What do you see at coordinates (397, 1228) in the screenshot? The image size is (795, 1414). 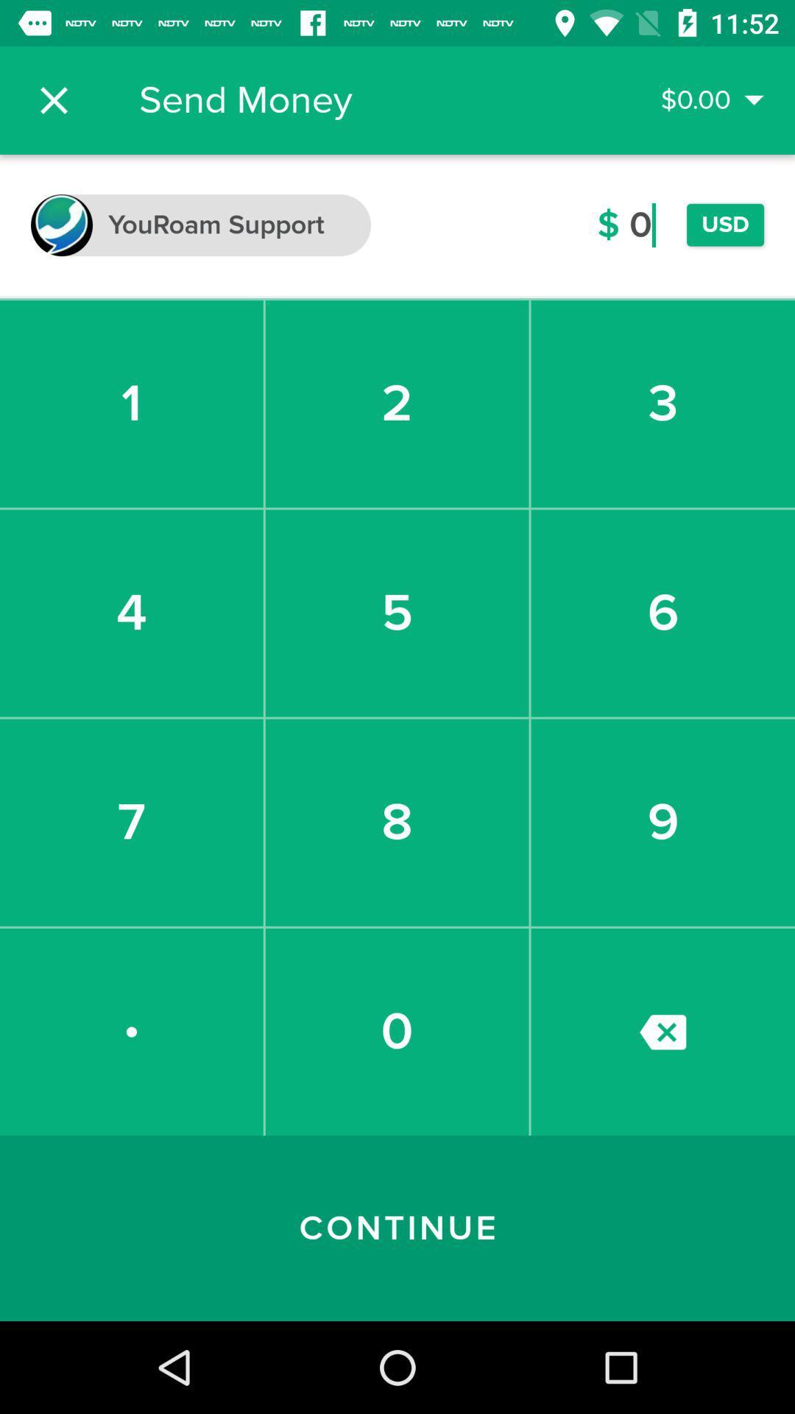 I see `the item below . item` at bounding box center [397, 1228].